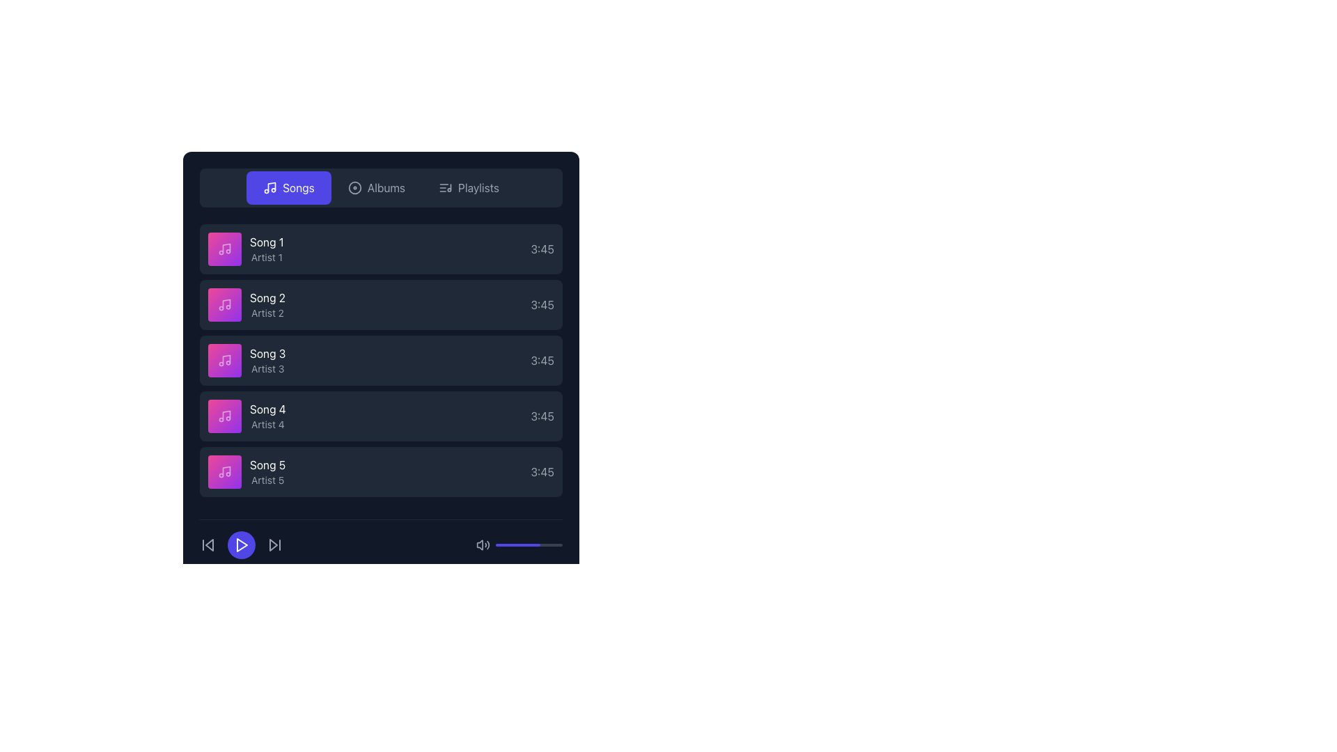 The width and height of the screenshot is (1337, 752). What do you see at coordinates (226, 414) in the screenshot?
I see `the music note icon representing 'Song 4' by 'Artist 4', located towards the left of the list item within the purple square` at bounding box center [226, 414].